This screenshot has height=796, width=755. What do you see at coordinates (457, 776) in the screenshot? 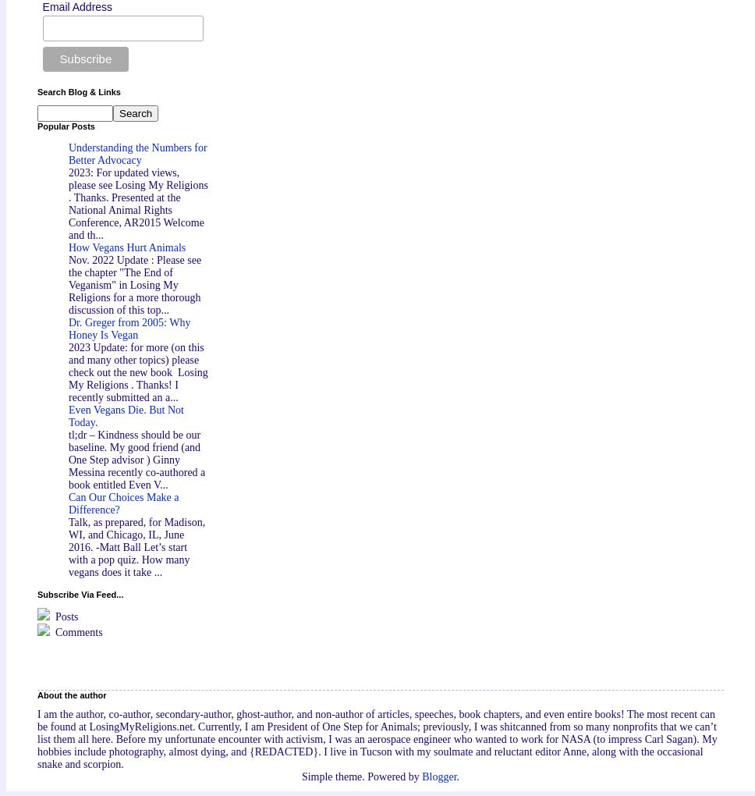
I see `'.'` at bounding box center [457, 776].